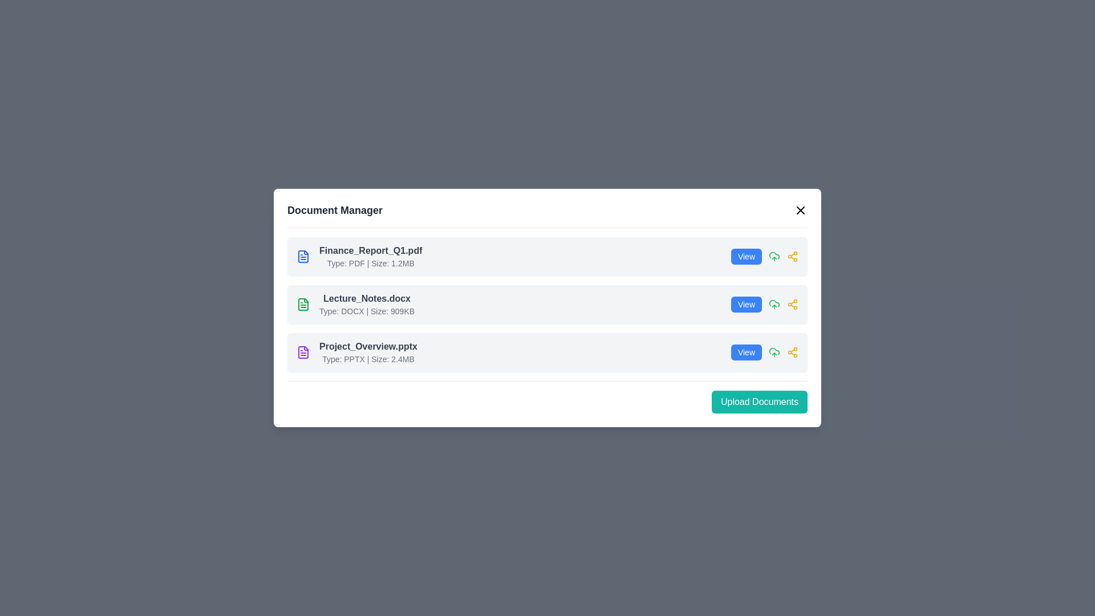 Image resolution: width=1095 pixels, height=616 pixels. I want to click on the static text label displaying 'Project_Overview.pptx', which is styled in medium gray and bolded, located at the top of a file entry in a vertical list, so click(368, 346).